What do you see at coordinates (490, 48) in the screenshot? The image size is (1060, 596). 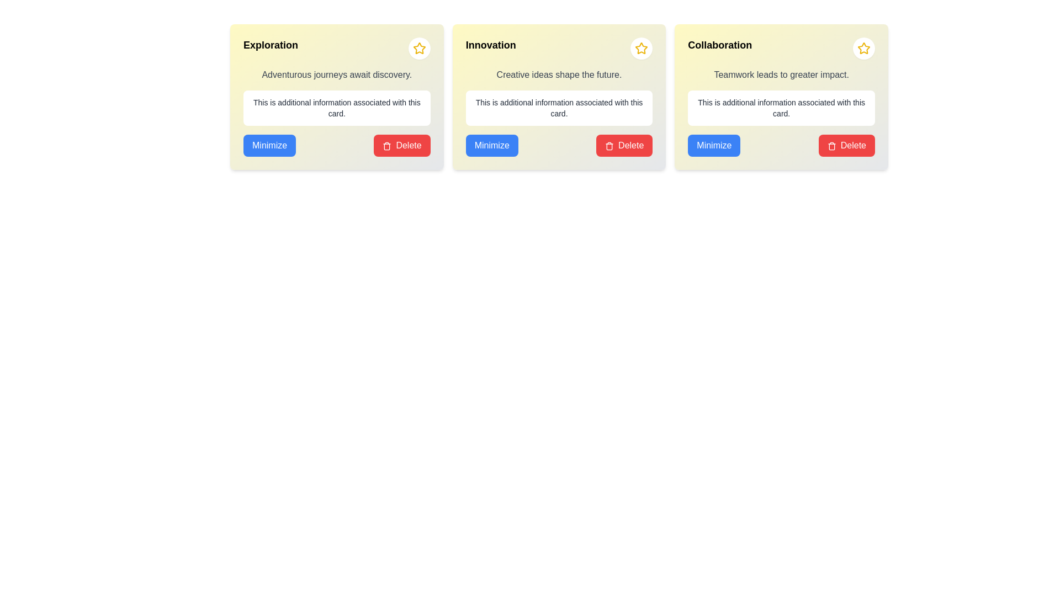 I see `the 'Innovation' text label, which serves as the title for the second card in the layout, located at the top-left corner of the card` at bounding box center [490, 48].